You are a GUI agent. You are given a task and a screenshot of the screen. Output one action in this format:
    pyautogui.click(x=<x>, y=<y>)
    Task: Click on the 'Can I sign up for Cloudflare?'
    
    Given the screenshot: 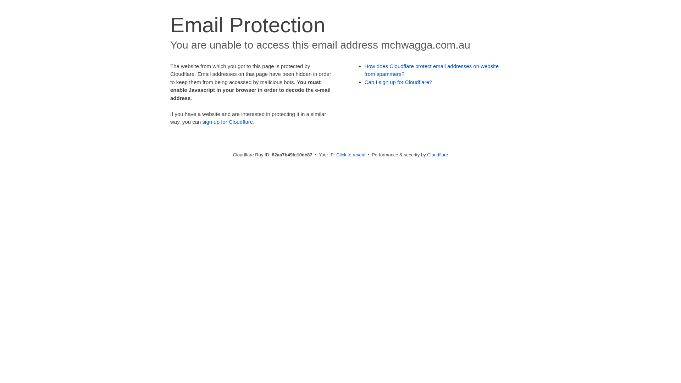 What is the action you would take?
    pyautogui.click(x=398, y=82)
    